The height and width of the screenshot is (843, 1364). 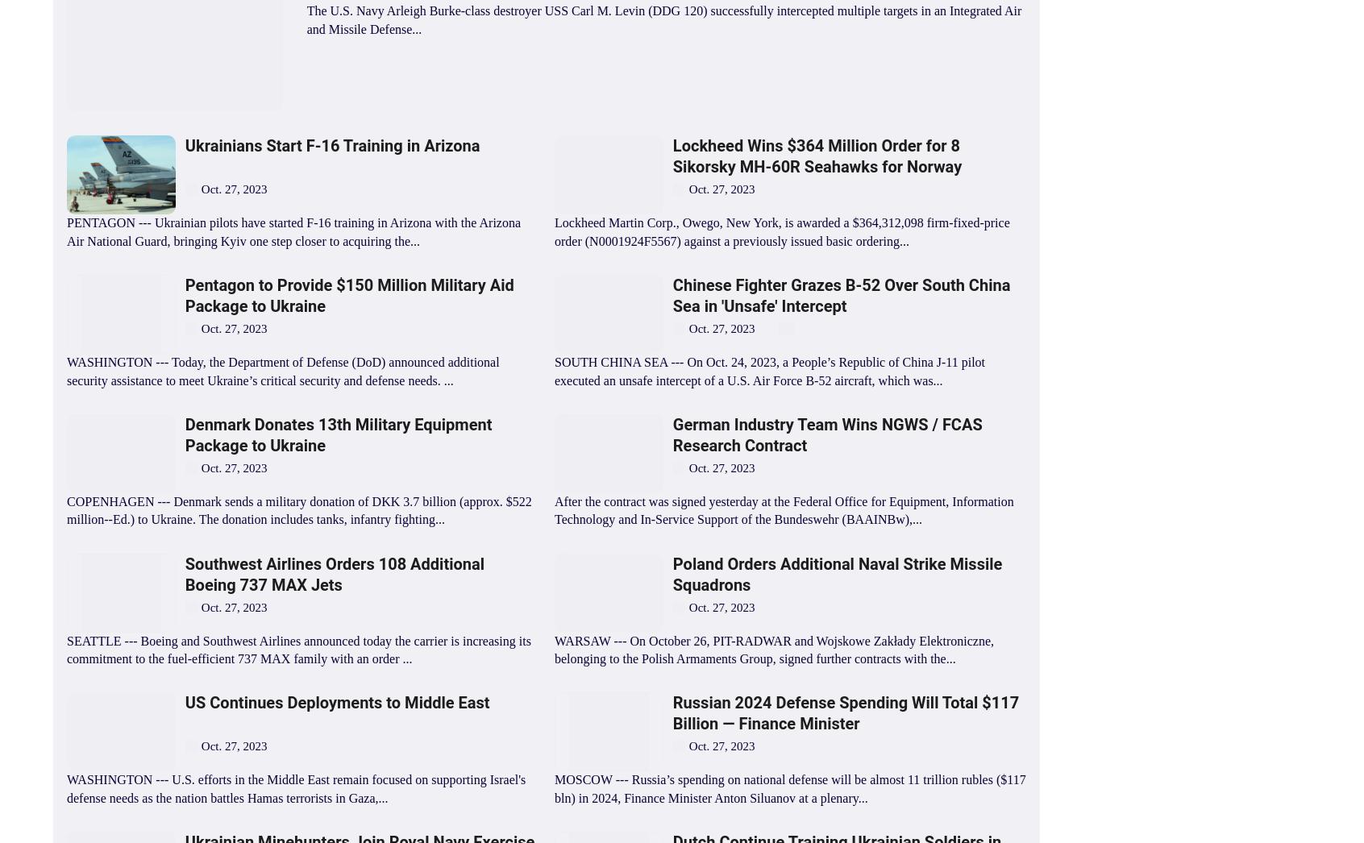 What do you see at coordinates (672, 296) in the screenshot?
I see `'Chinese Fighter Grazes B-52 Over South China Sea in 'Unsafe' Intercept'` at bounding box center [672, 296].